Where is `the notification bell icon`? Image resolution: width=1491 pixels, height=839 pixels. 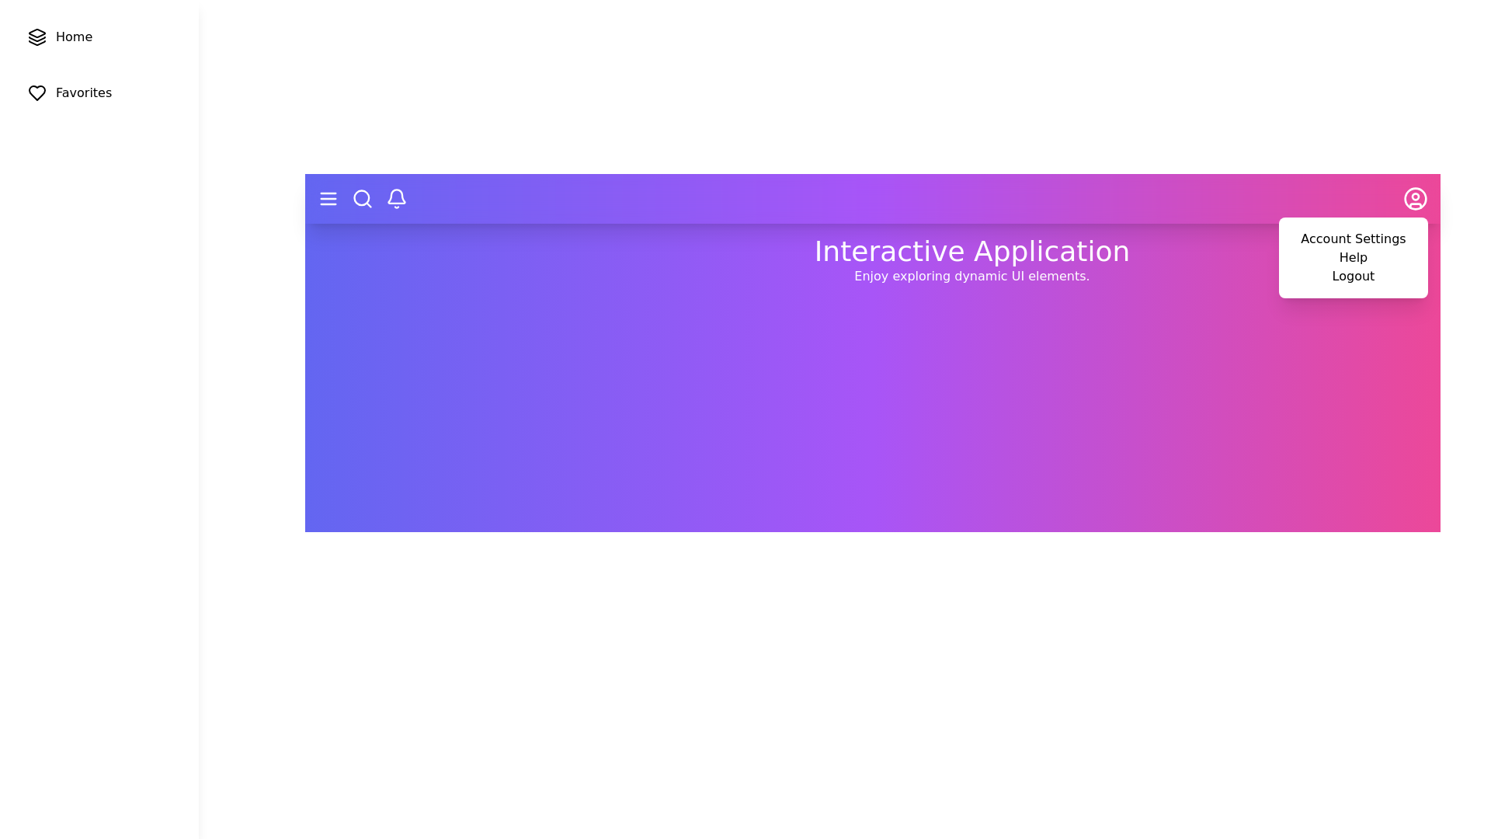 the notification bell icon is located at coordinates (396, 197).